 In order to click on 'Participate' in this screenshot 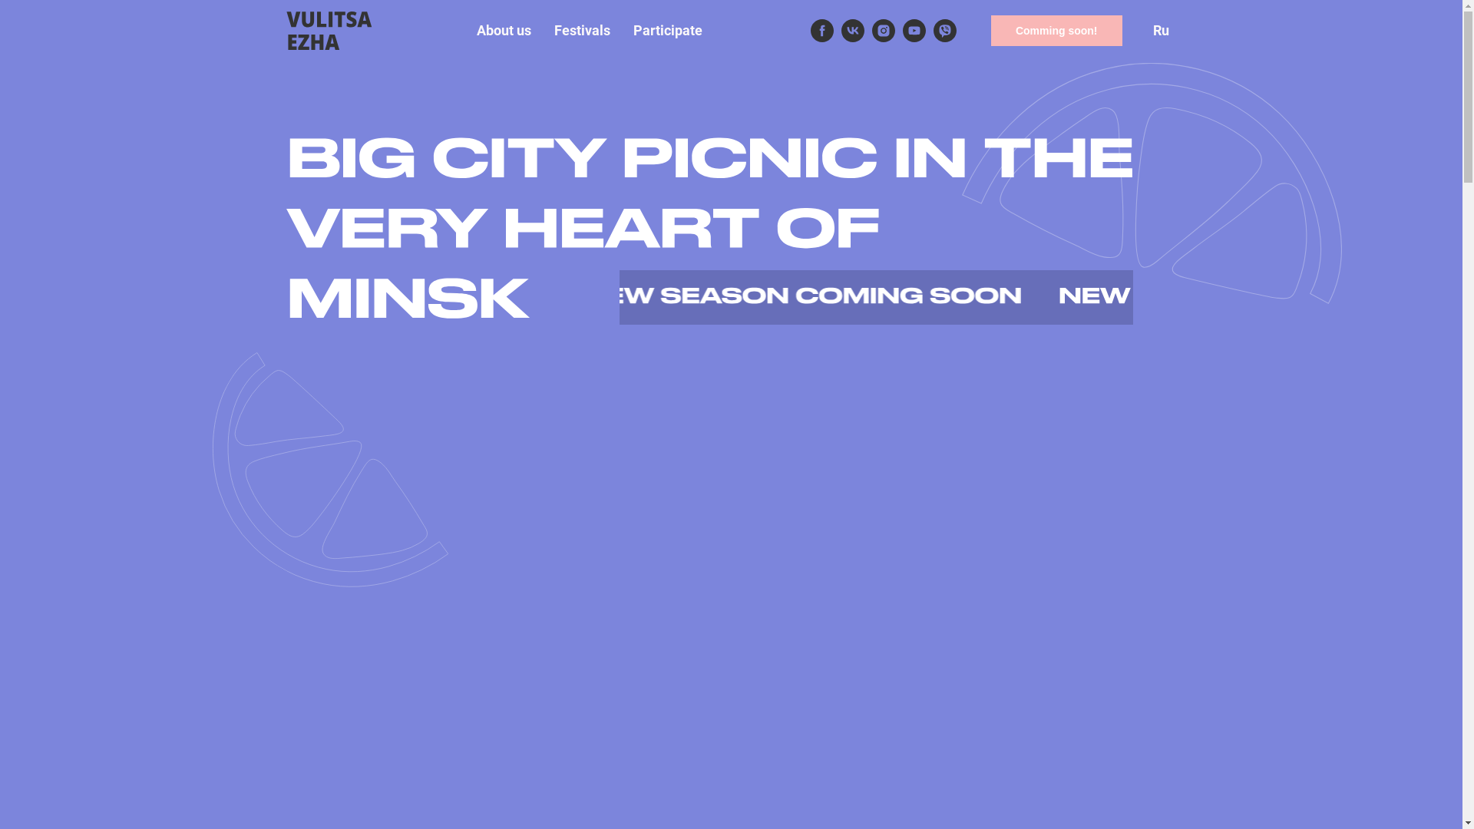, I will do `click(667, 30)`.